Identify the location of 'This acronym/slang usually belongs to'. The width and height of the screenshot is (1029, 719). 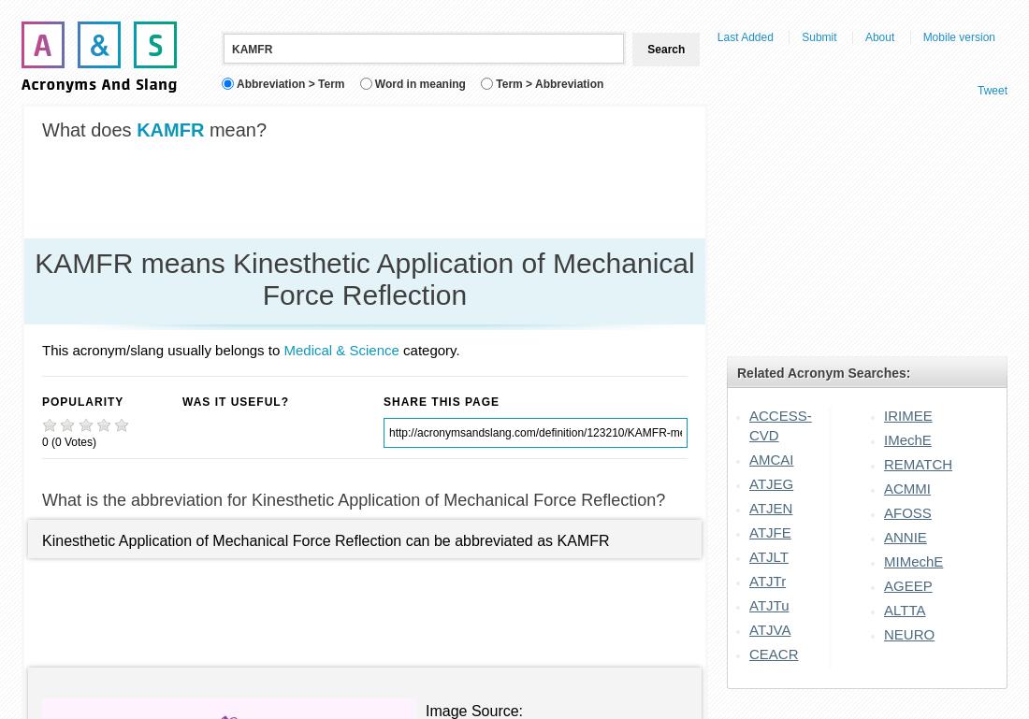
(40, 349).